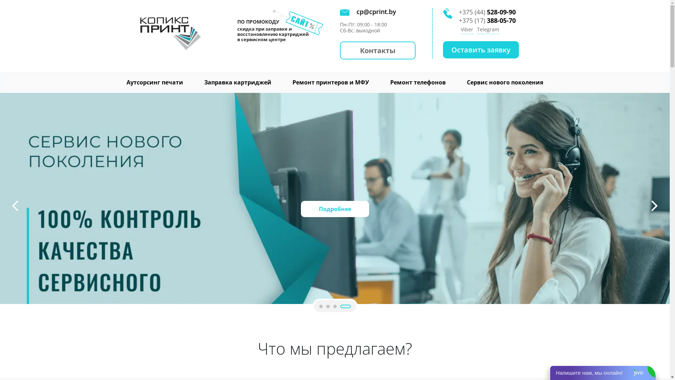 This screenshot has width=675, height=380. Describe the element at coordinates (459, 12) in the screenshot. I see `'+375 (44) 528-09-90'` at that location.